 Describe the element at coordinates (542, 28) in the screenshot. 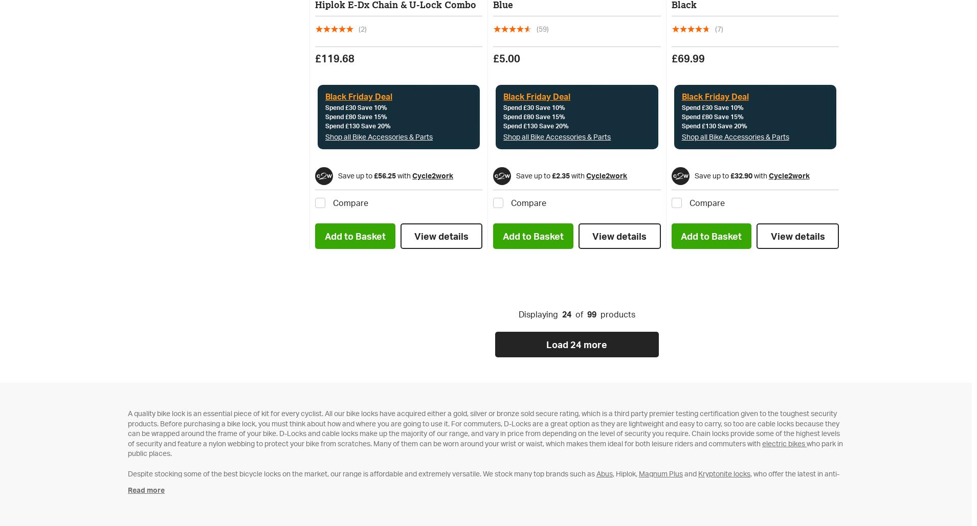

I see `'(59)'` at that location.